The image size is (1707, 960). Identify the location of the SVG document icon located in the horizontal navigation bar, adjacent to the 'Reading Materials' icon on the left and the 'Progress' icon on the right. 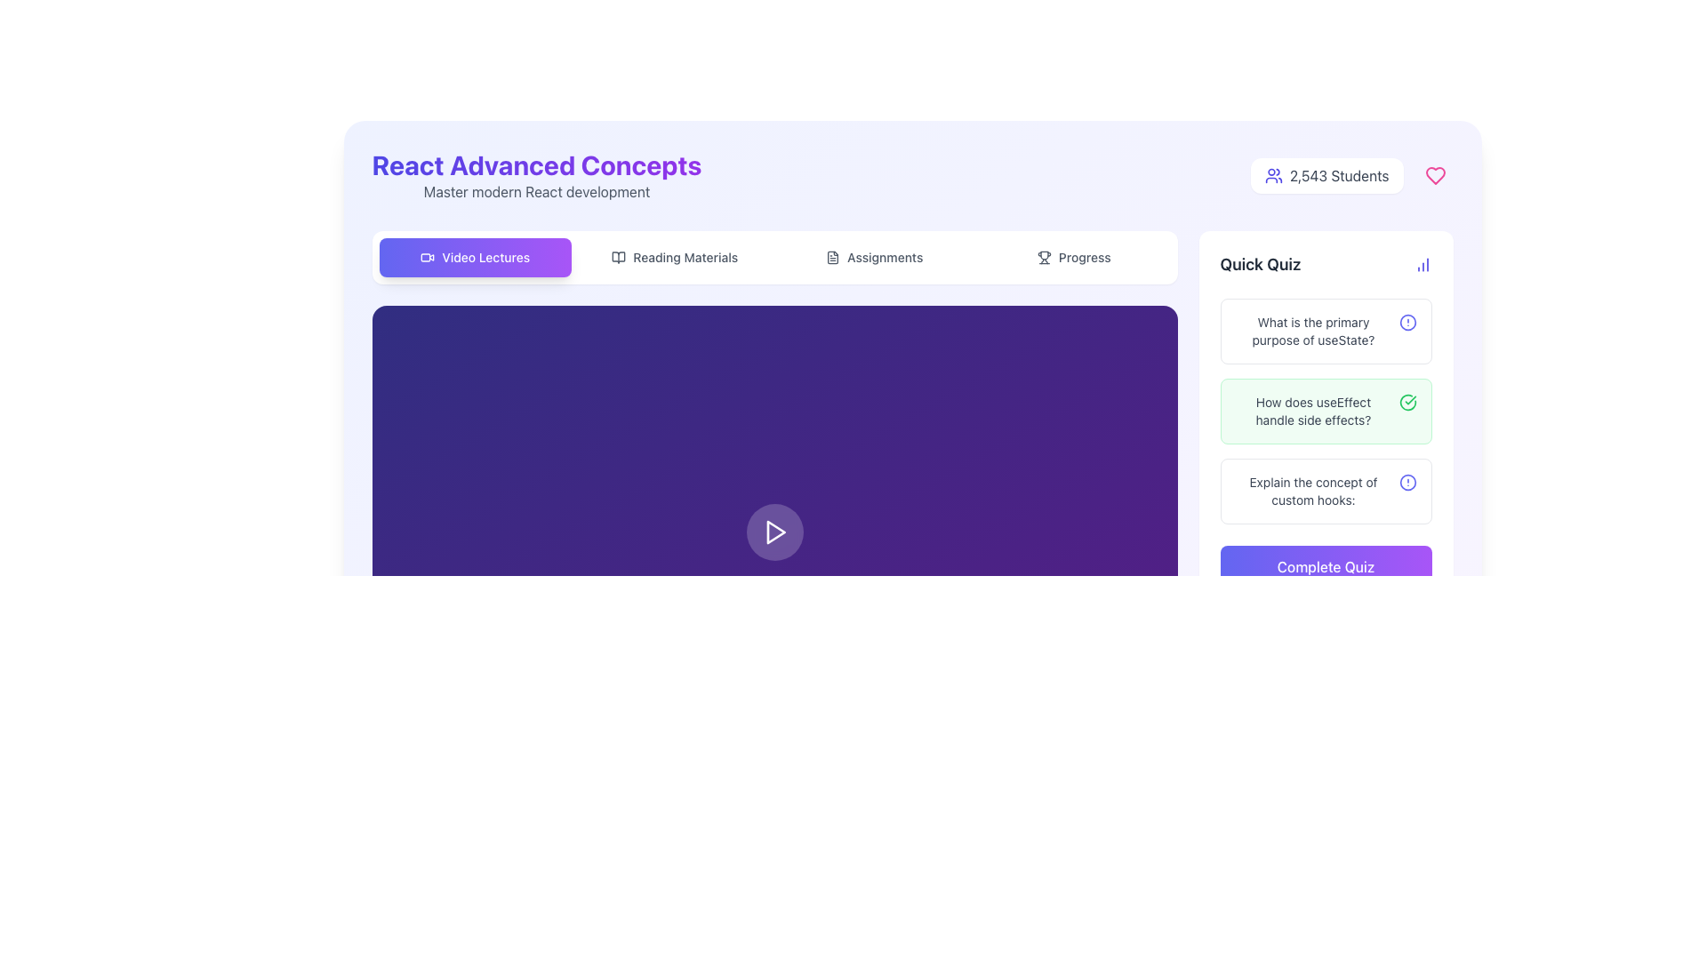
(832, 257).